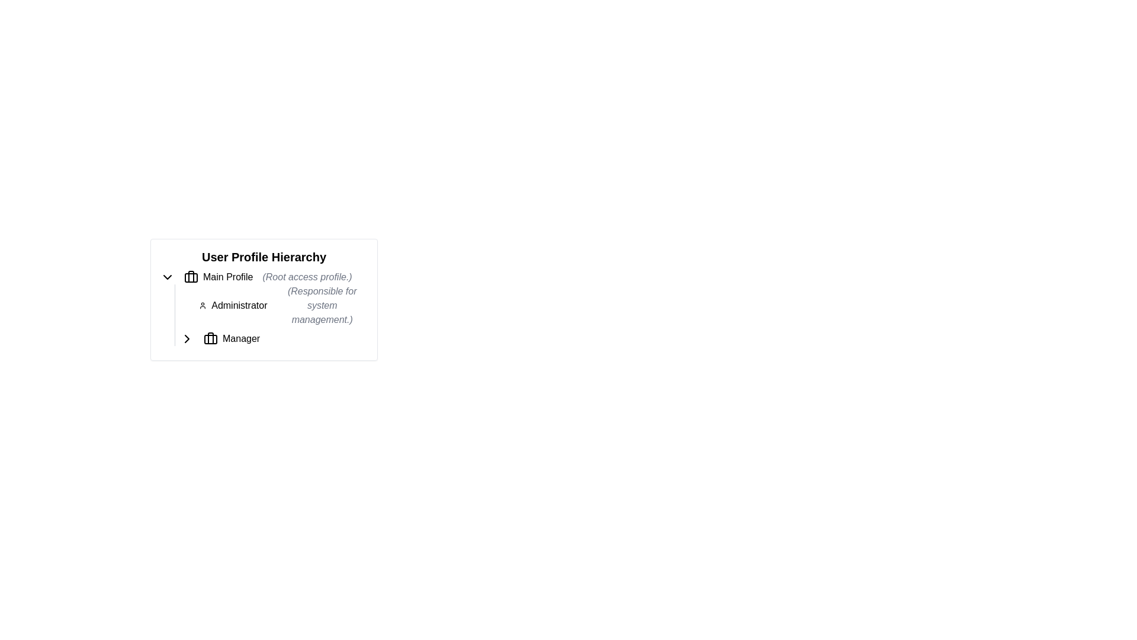 The width and height of the screenshot is (1137, 640). I want to click on the downward-facing chevron icon next to the 'Main Profile' label, so click(167, 277).